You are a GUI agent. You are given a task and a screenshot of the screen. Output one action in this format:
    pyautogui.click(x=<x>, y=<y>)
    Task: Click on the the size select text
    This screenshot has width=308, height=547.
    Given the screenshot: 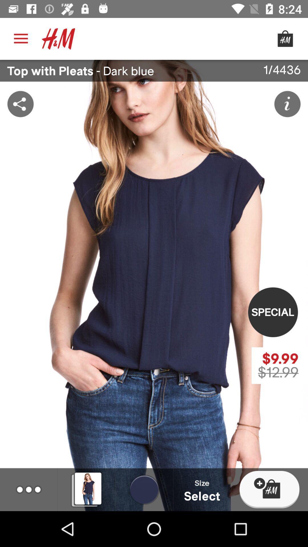 What is the action you would take?
    pyautogui.click(x=202, y=489)
    